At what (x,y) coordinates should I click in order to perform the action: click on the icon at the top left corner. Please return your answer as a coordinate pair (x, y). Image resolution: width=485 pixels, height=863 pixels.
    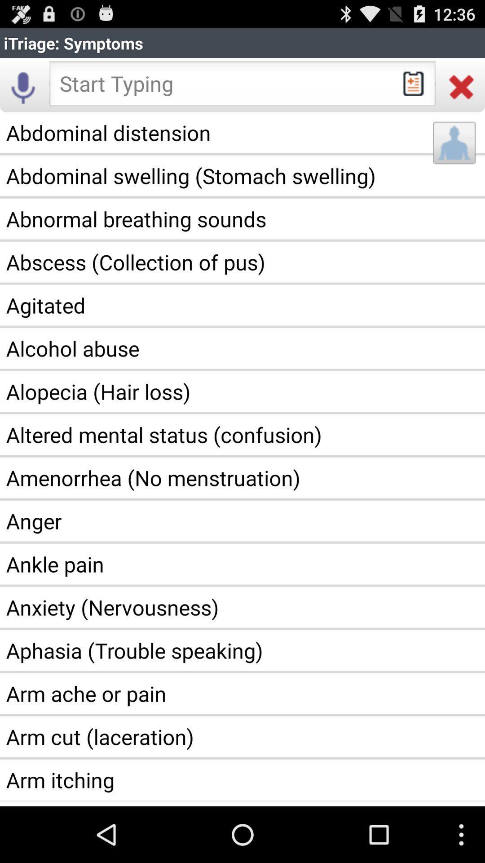
    Looking at the image, I should click on (23, 86).